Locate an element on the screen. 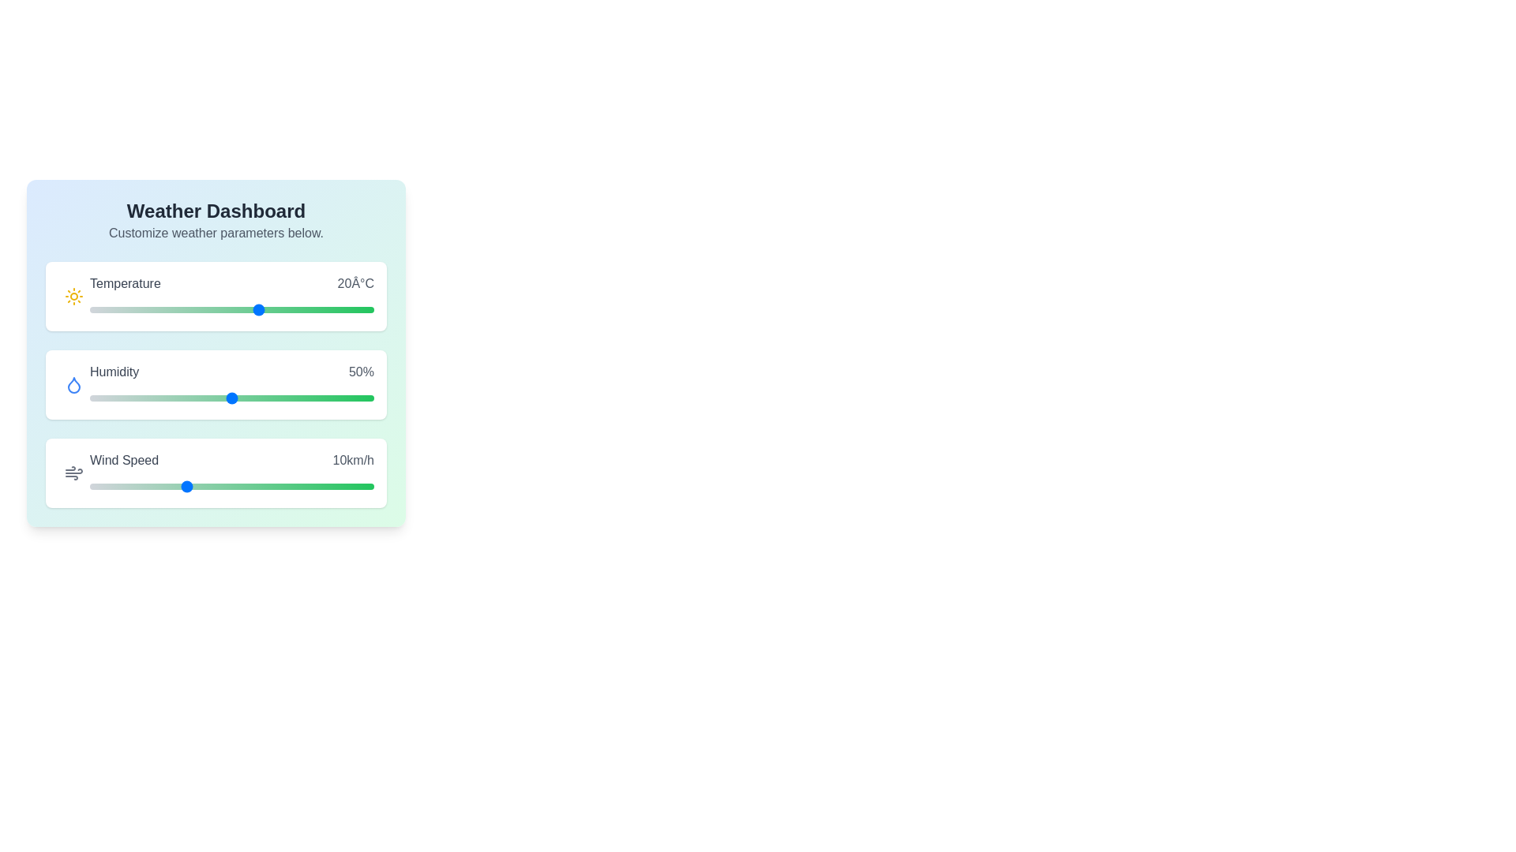 This screenshot has width=1516, height=852. the temperature slider to 29°C is located at coordinates (311, 310).